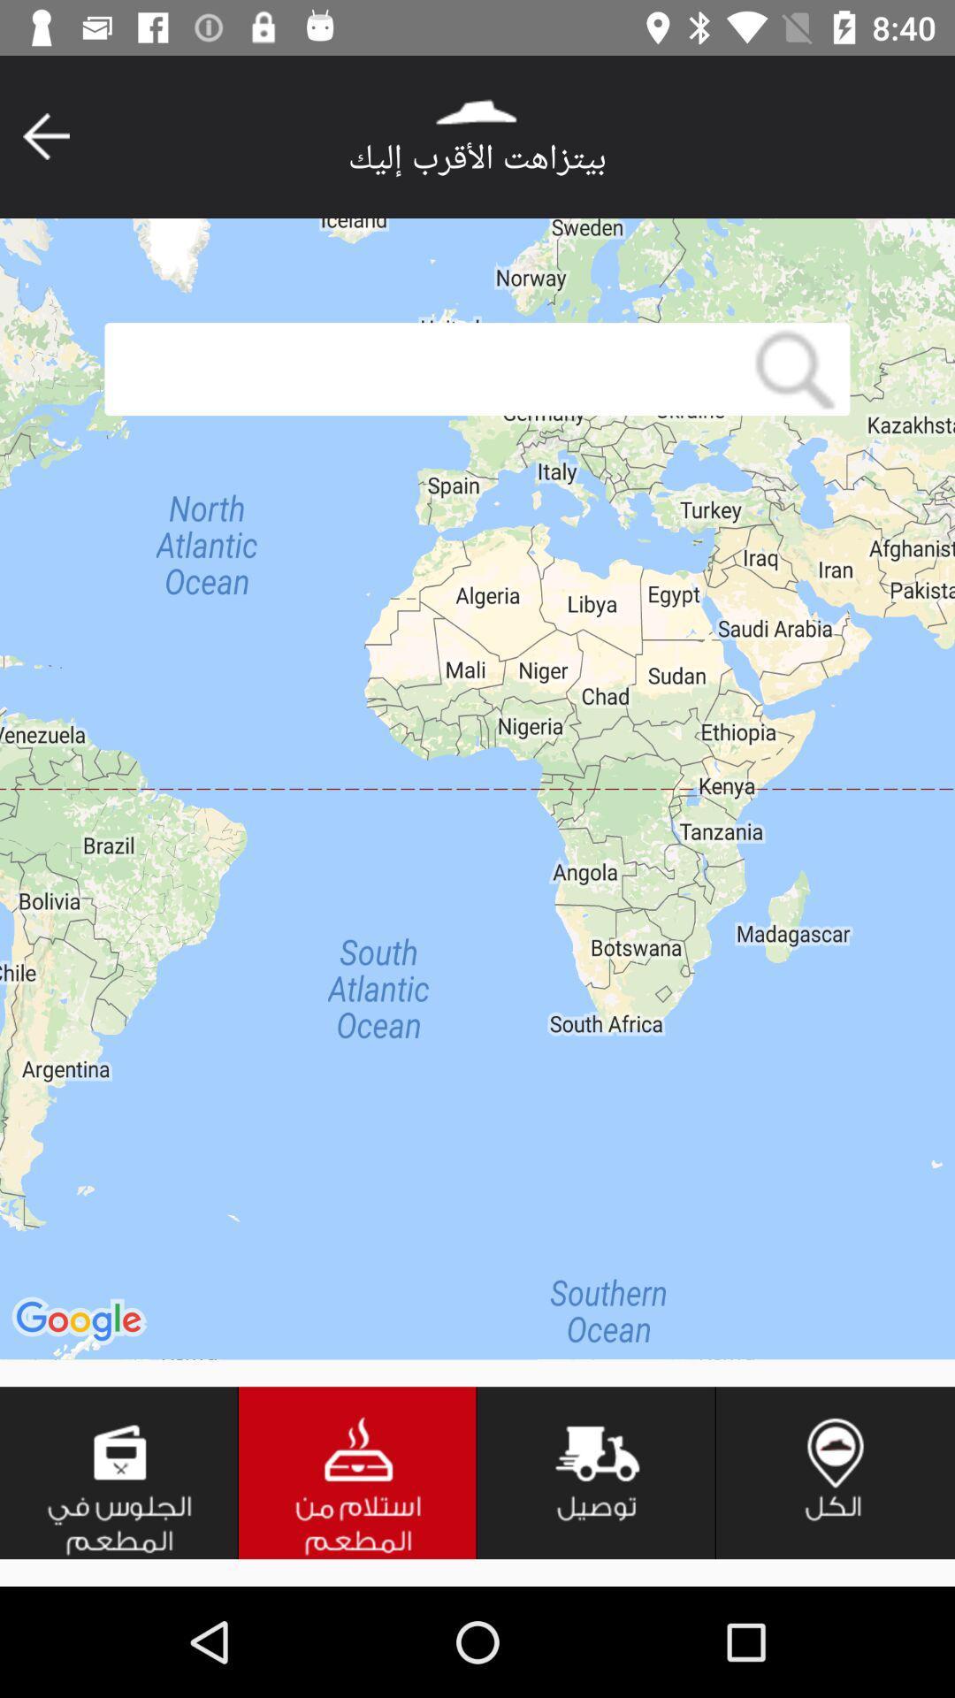  What do you see at coordinates (794, 368) in the screenshot?
I see `search` at bounding box center [794, 368].